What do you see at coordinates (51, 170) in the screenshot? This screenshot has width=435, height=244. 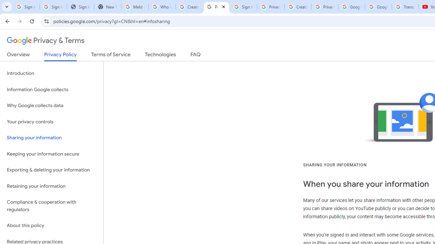 I see `'Exporting & deleting your information'` at bounding box center [51, 170].